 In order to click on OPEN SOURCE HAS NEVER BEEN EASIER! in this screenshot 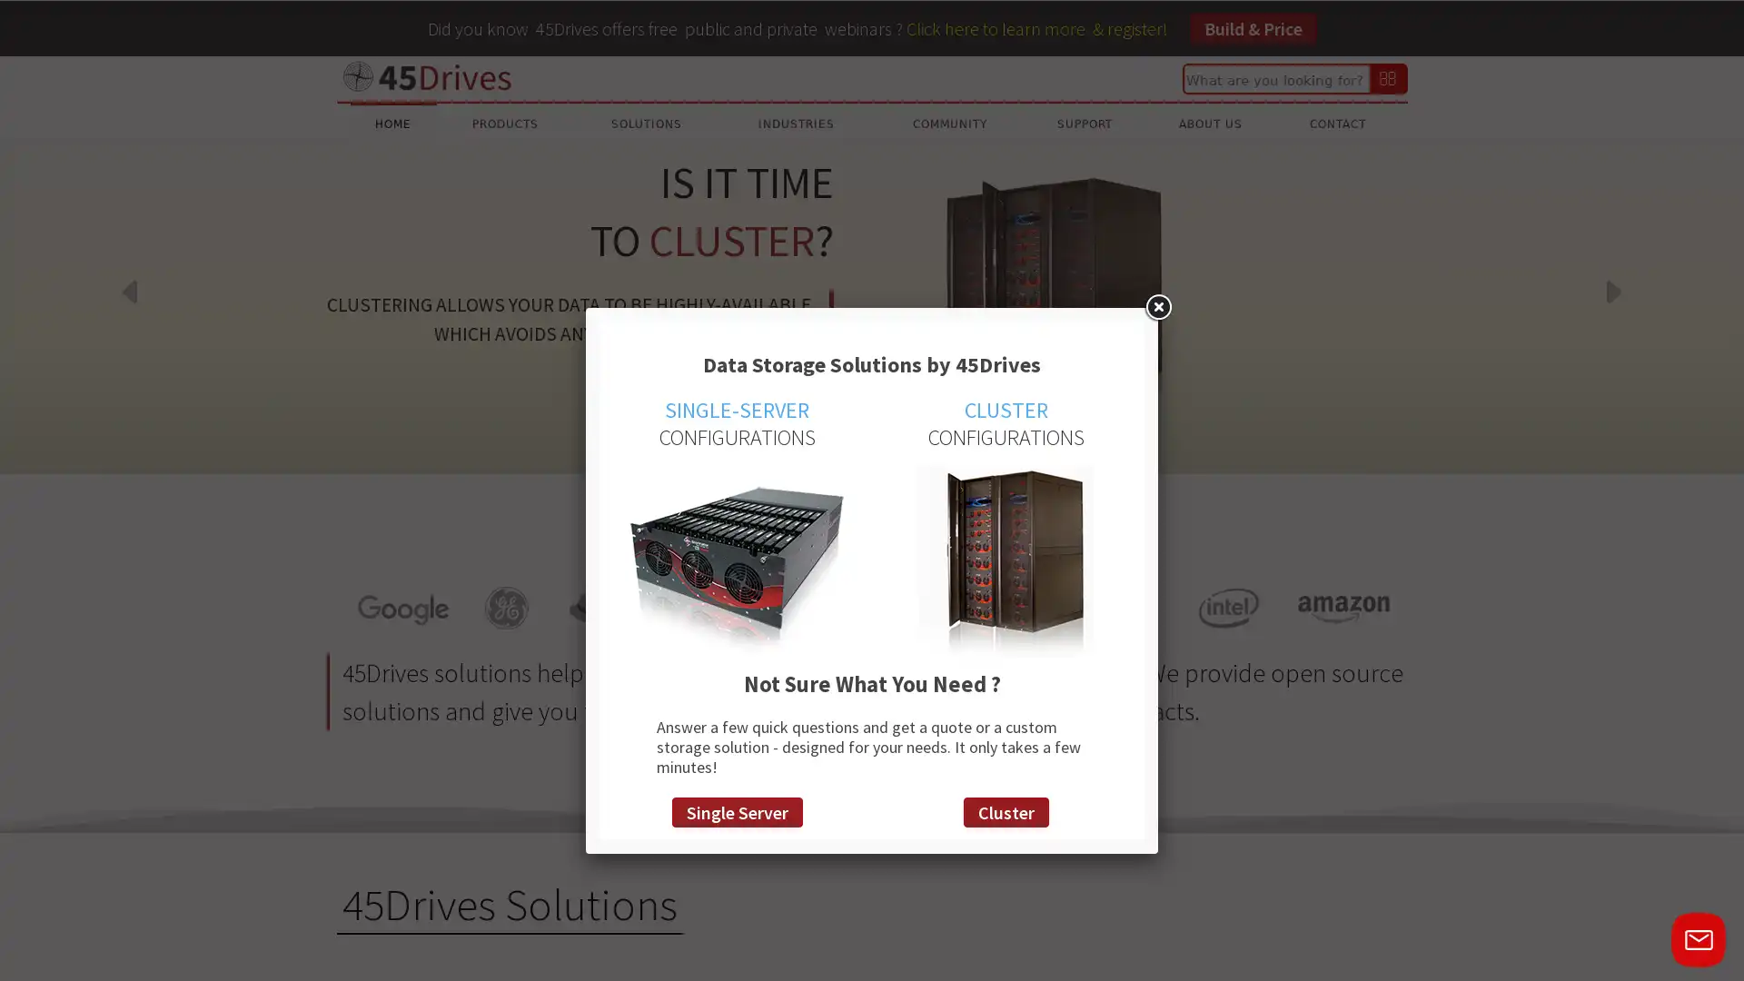, I will do `click(822, 450)`.